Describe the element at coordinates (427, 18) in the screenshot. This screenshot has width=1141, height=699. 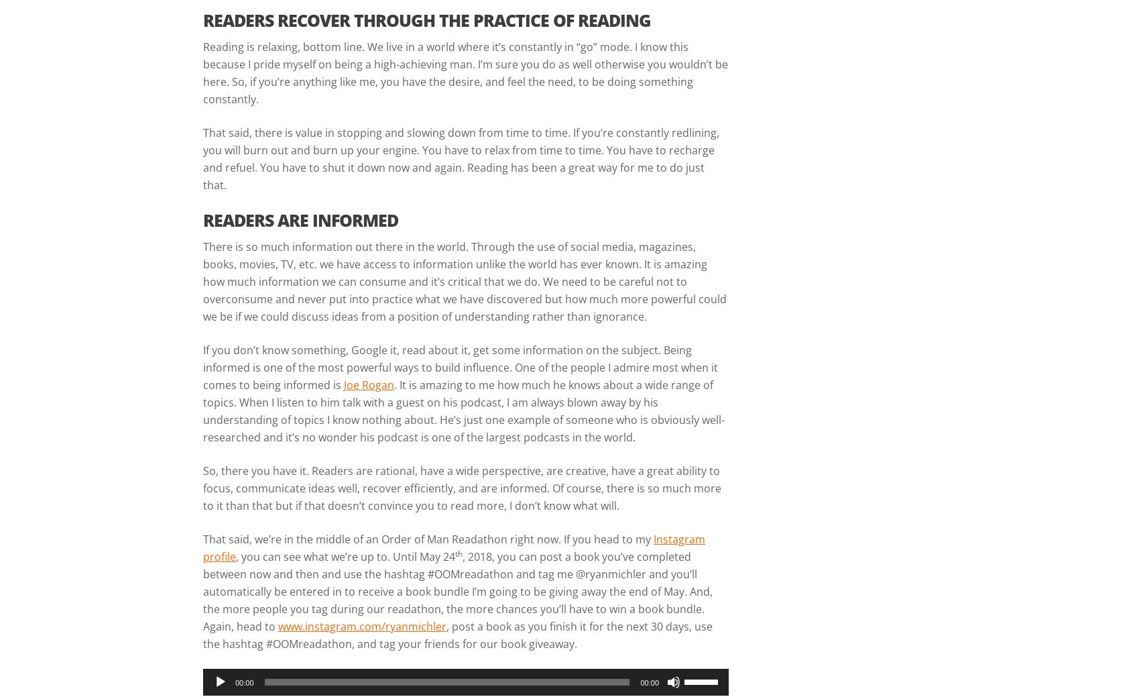
I see `'READERS RECOVER THROUGH THE PRACTICE OF READING'` at that location.